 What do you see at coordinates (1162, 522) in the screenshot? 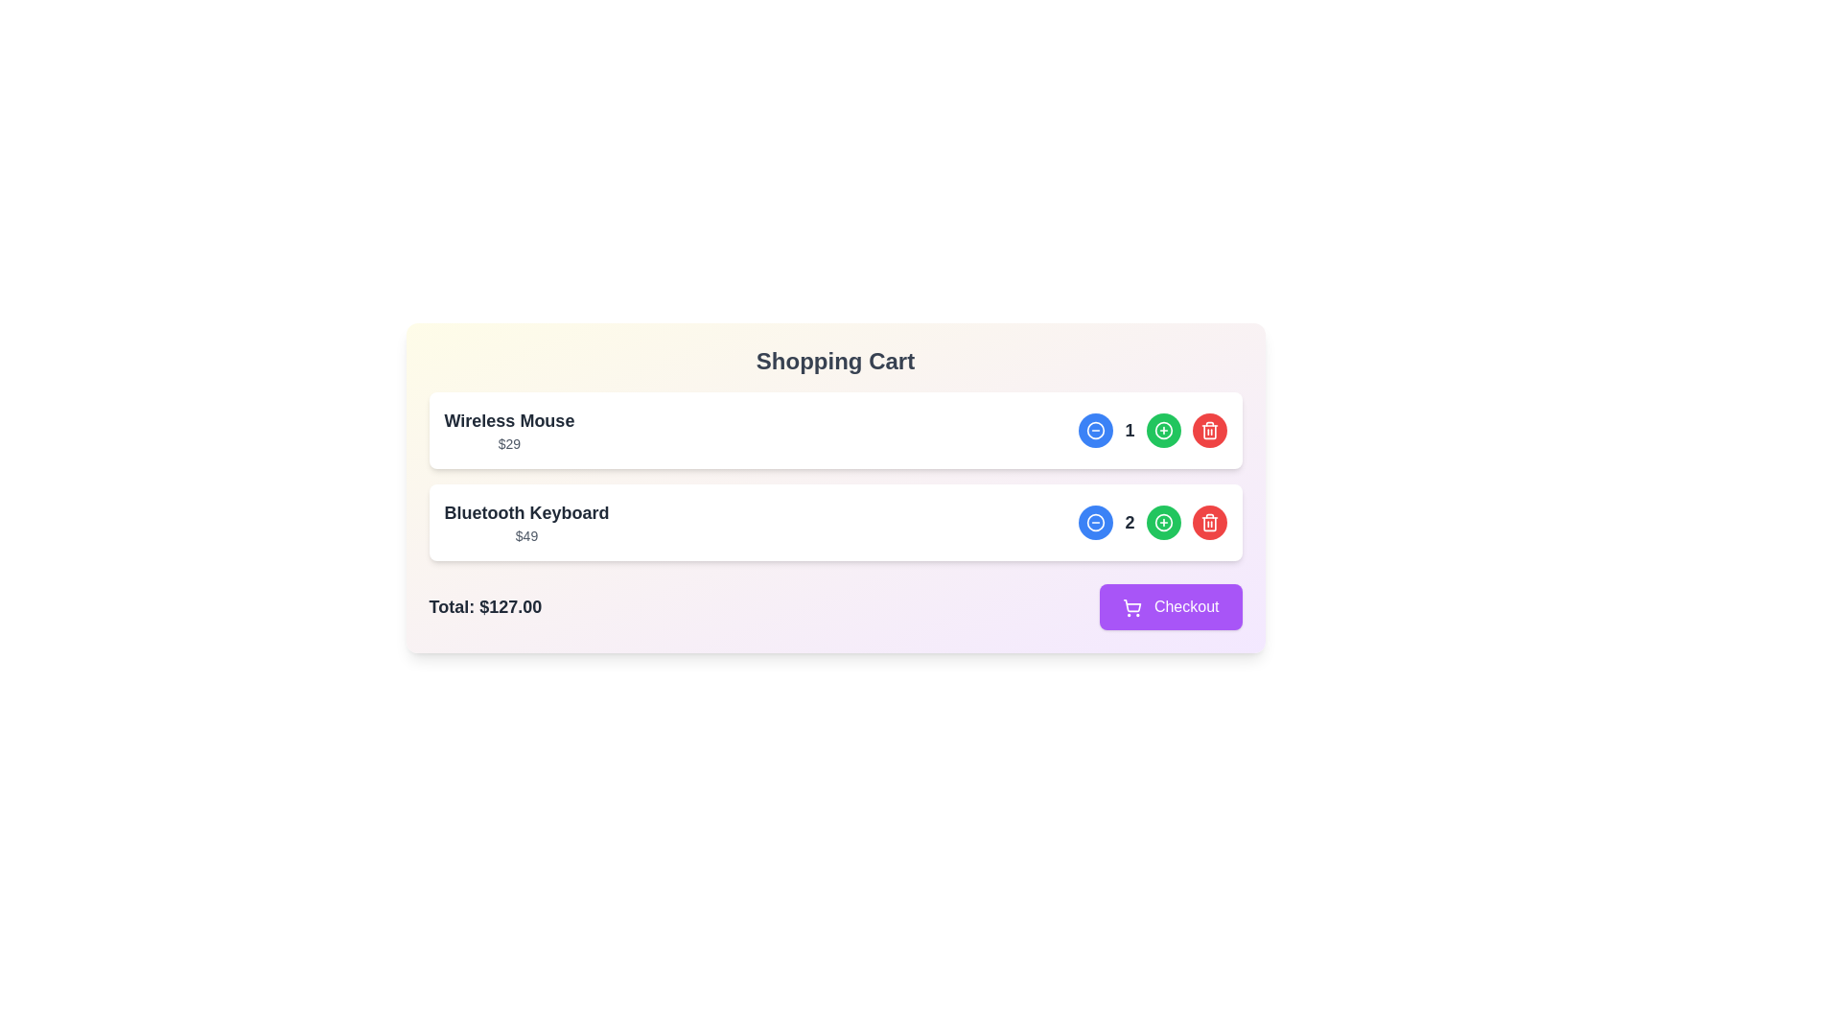
I see `the third button in the horizontal grouping of four, which increases the quantity of the 'Bluetooth Keyboard $49' in the shopping cart` at bounding box center [1162, 522].